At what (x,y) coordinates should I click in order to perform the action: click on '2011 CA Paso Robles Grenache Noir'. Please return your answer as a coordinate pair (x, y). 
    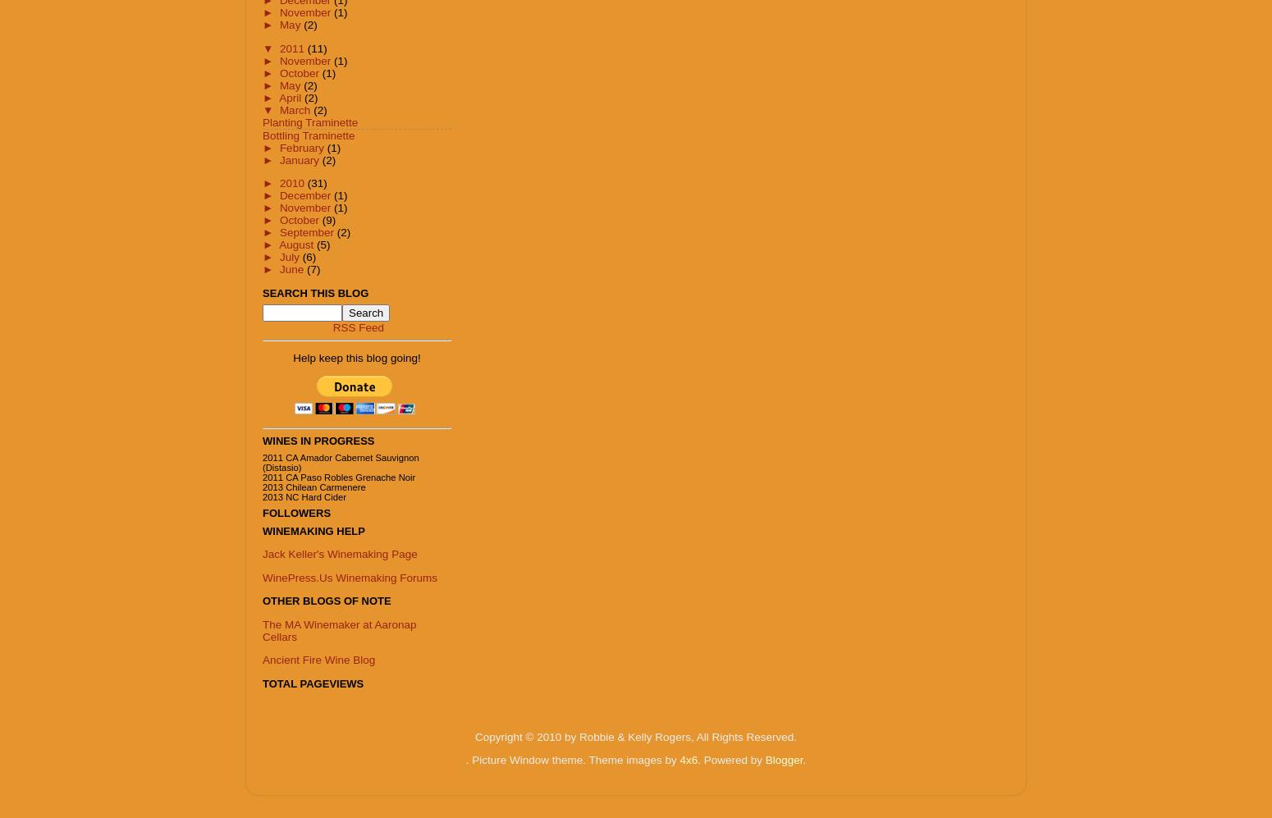
    Looking at the image, I should click on (339, 476).